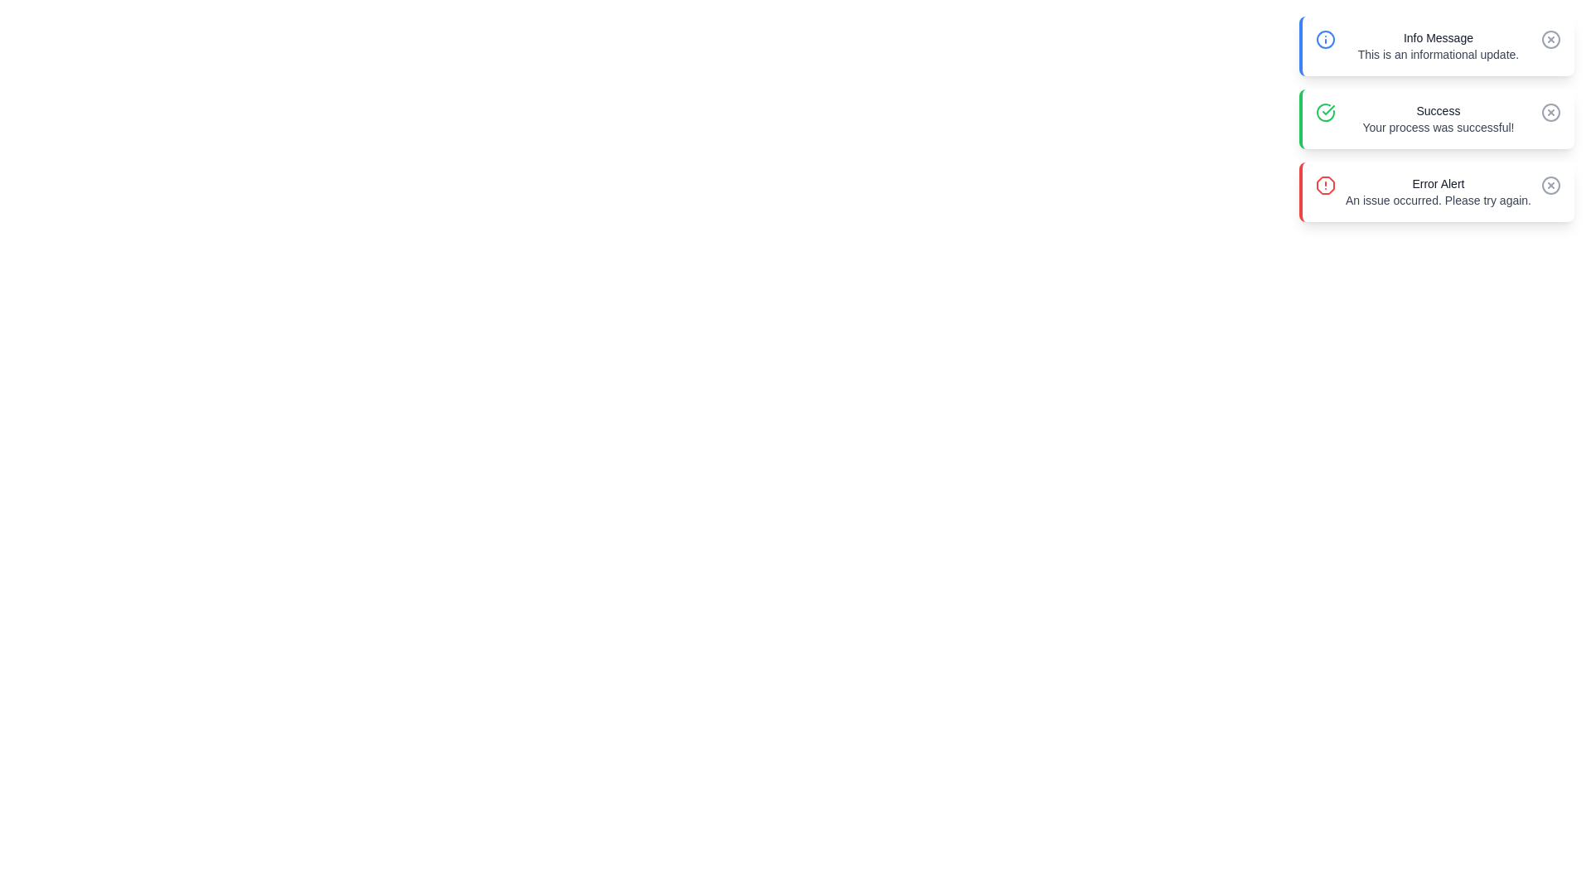 This screenshot has height=895, width=1591. Describe the element at coordinates (1324, 38) in the screenshot. I see `the informational state icon located at the top left of the 'Info Message' card, adjacent to the card's text content` at that location.